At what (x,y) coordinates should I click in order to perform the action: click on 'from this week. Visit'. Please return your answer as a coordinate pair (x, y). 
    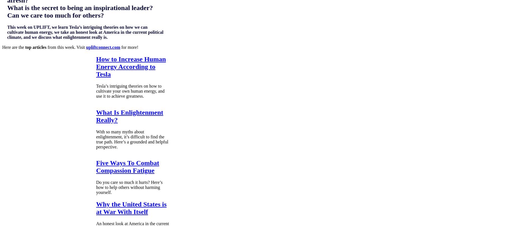
    Looking at the image, I should click on (46, 47).